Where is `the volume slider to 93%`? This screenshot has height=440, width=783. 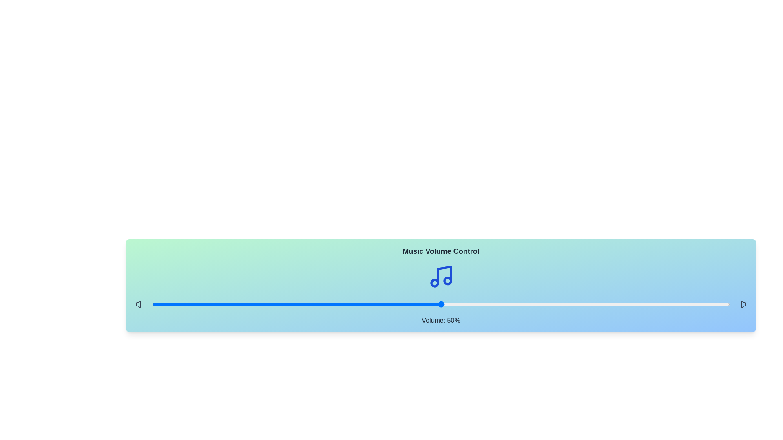
the volume slider to 93% is located at coordinates (689, 304).